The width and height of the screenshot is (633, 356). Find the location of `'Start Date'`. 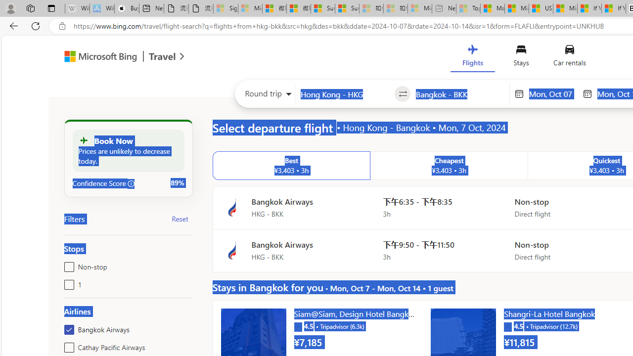

'Start Date' is located at coordinates (552, 93).